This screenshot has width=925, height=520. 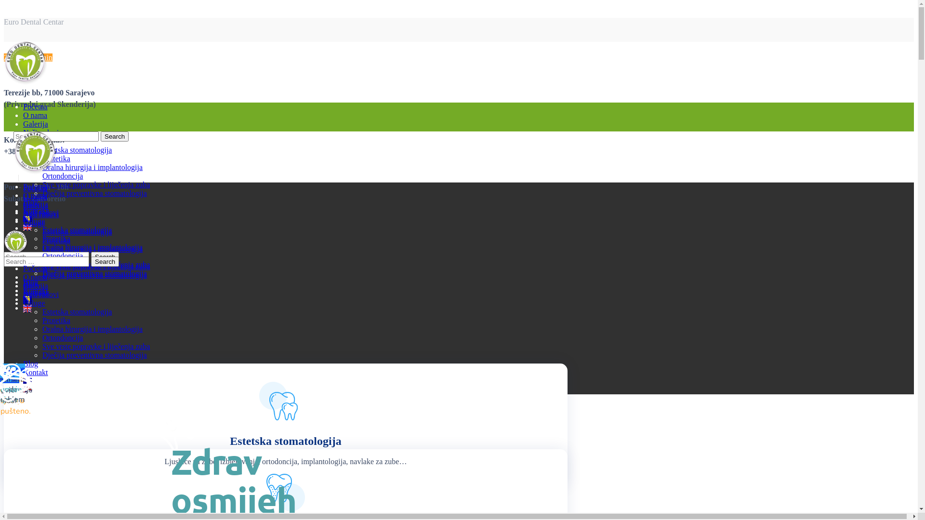 I want to click on 'Usluge', so click(x=23, y=221).